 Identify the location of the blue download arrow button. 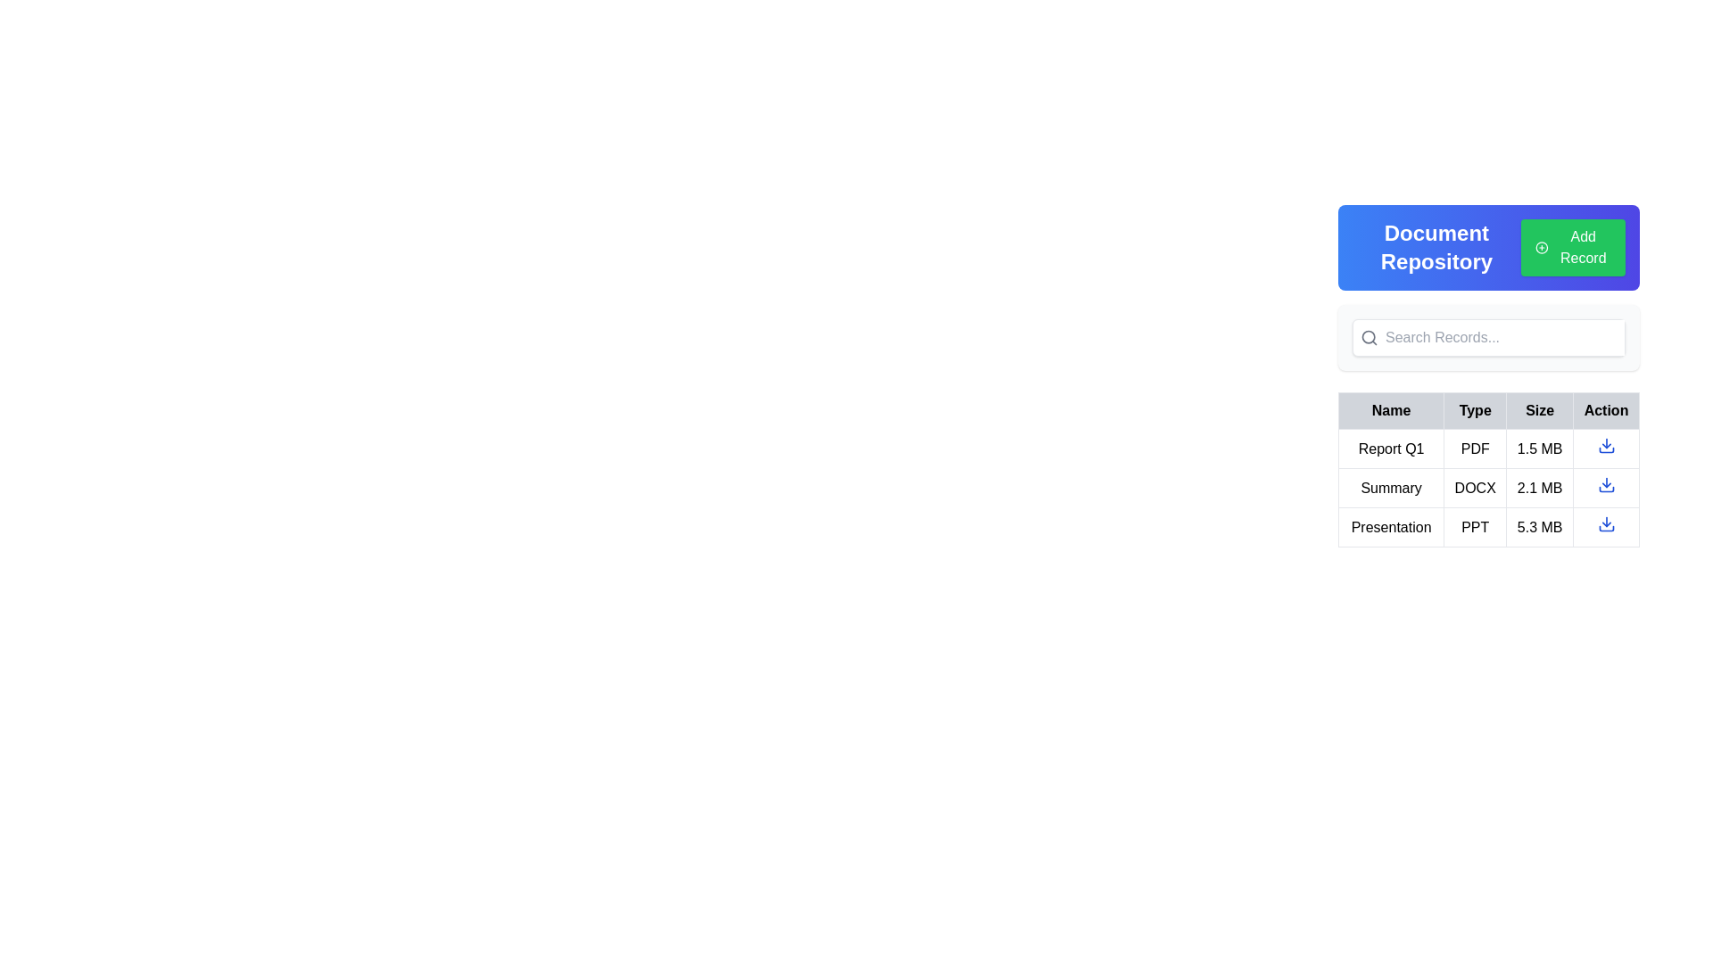
(1606, 523).